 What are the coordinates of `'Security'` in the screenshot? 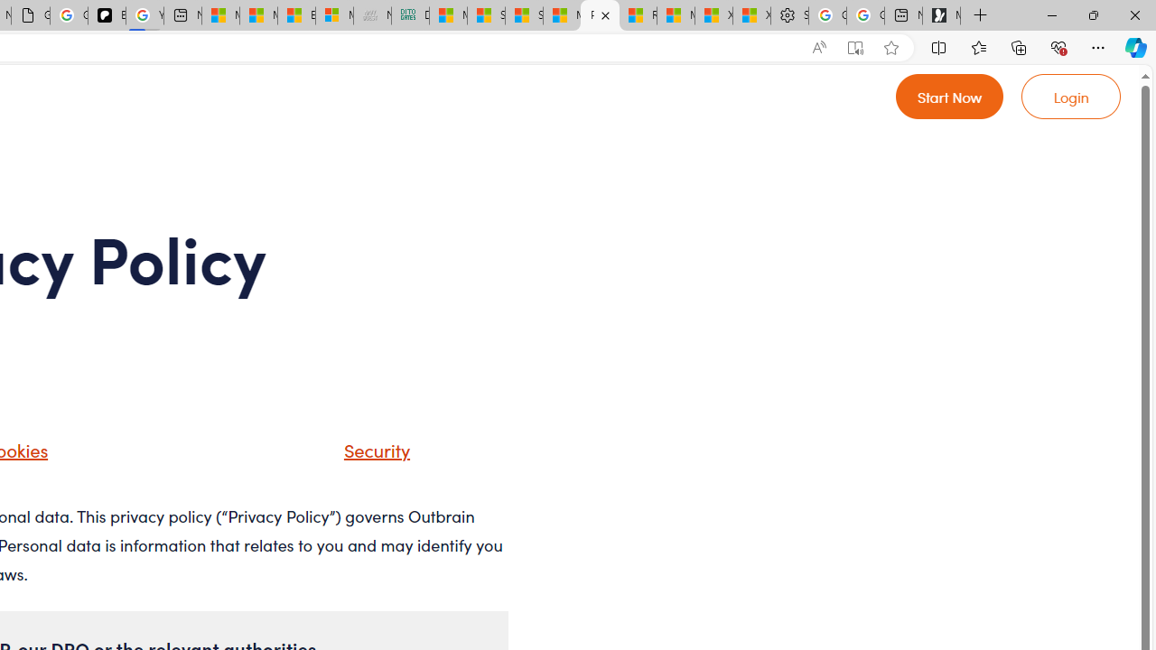 It's located at (371, 448).